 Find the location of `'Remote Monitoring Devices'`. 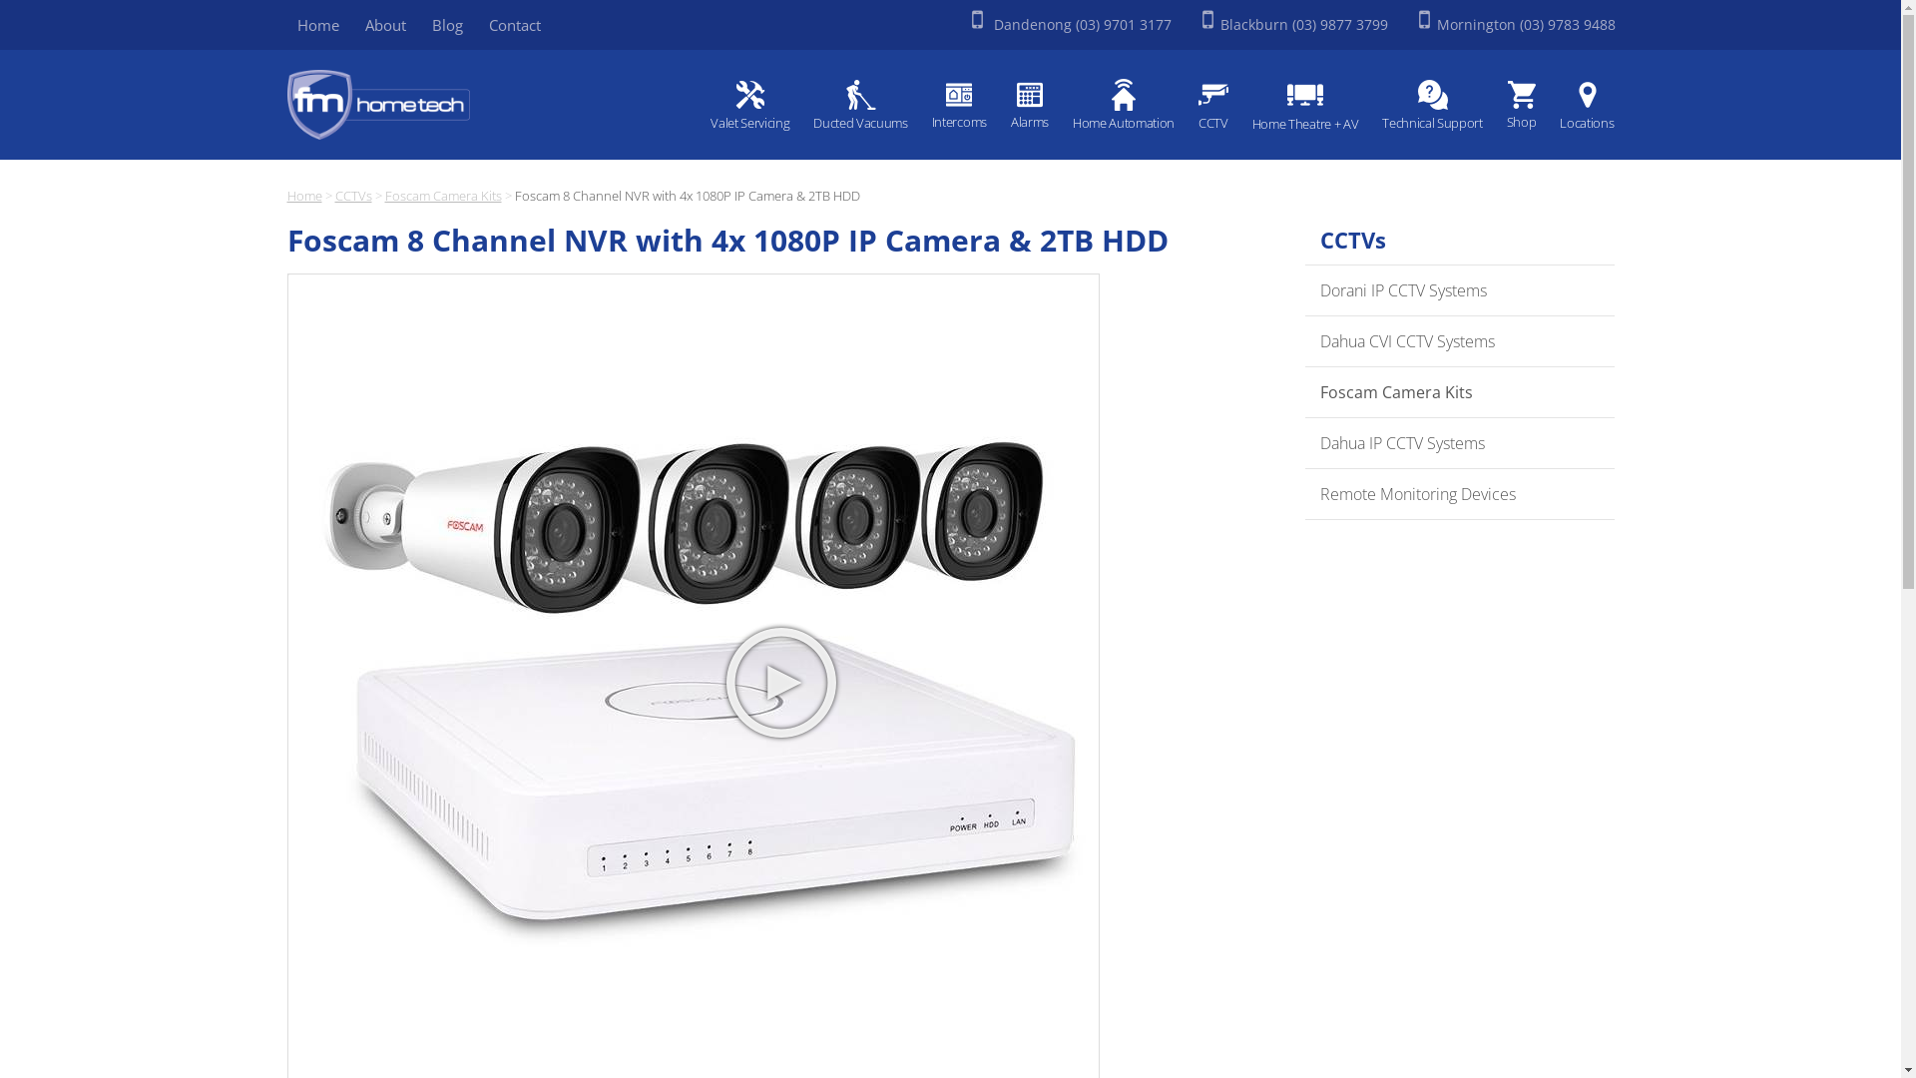

'Remote Monitoring Devices' is located at coordinates (1460, 494).